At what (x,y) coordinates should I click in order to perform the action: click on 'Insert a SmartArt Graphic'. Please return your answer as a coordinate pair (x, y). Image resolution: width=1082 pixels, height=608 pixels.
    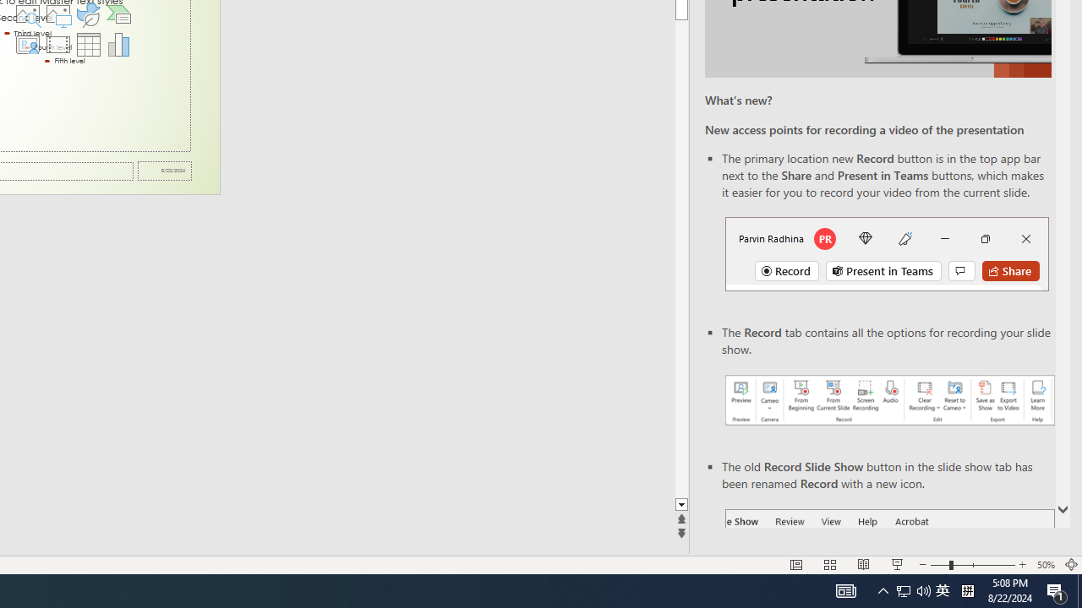
    Looking at the image, I should click on (118, 14).